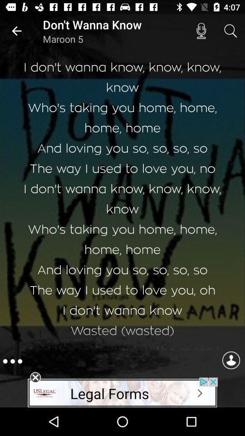 This screenshot has height=436, width=245. Describe the element at coordinates (231, 362) in the screenshot. I see `the avatar icon` at that location.